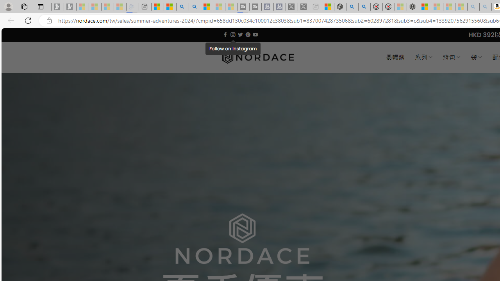 The width and height of the screenshot is (500, 281). Describe the element at coordinates (412, 7) in the screenshot. I see `'Nordace - Nordace Siena Is Not An Ordinary Backpack'` at that location.